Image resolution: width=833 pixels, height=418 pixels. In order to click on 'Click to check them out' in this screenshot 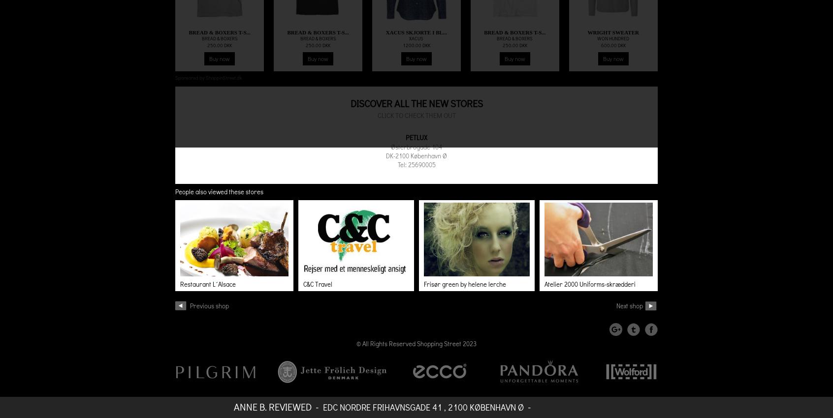, I will do `click(416, 115)`.